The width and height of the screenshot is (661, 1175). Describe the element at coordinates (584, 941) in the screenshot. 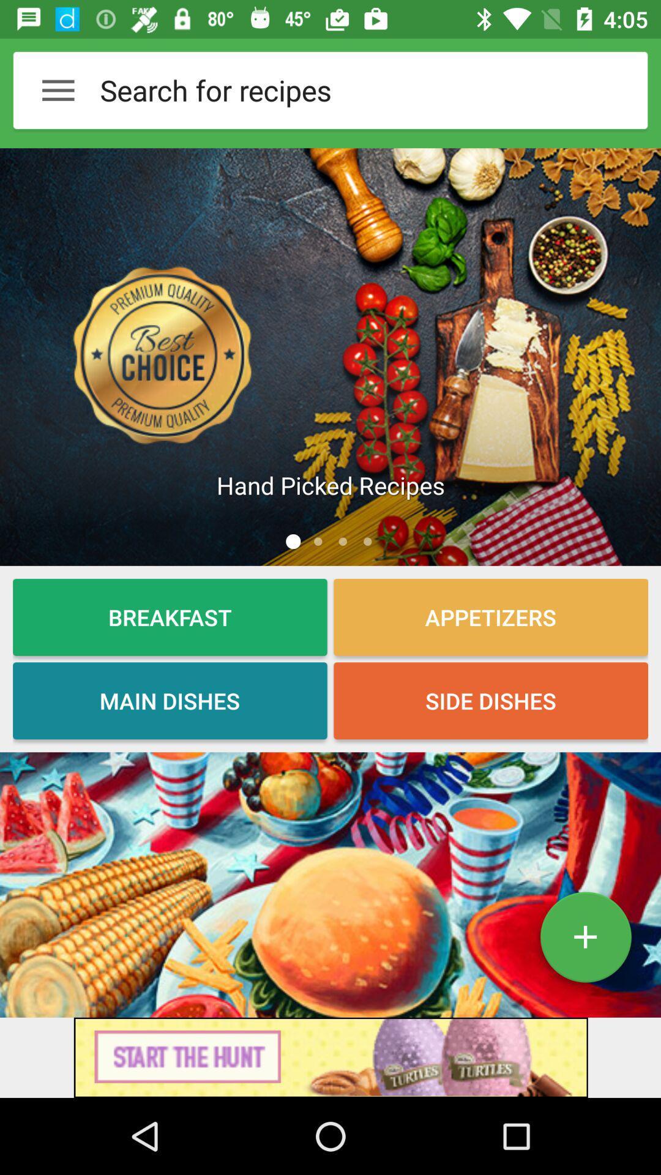

I see `the add icon` at that location.